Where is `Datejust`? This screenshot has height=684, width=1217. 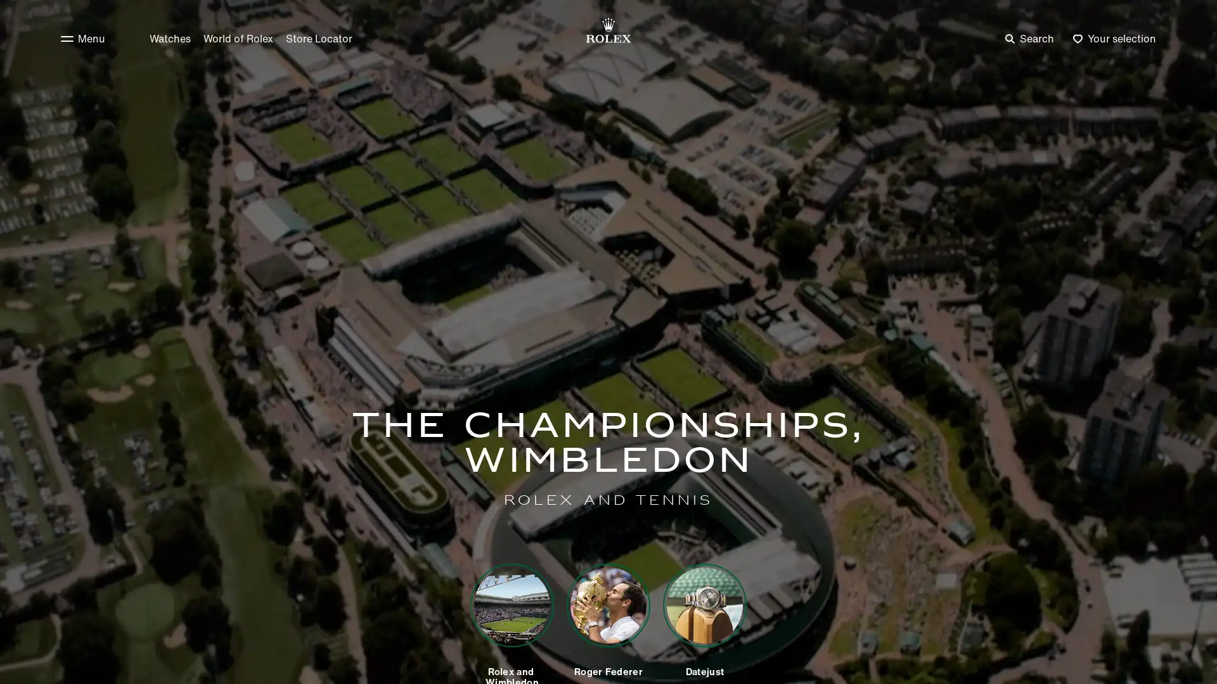 Datejust is located at coordinates (704, 619).